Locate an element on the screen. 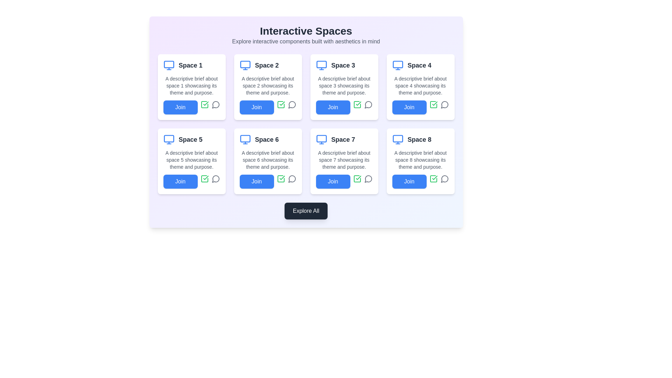 The height and width of the screenshot is (378, 672). the completion icon located in the right section of the card for 'Space 4', adjacent to the speech-bubble icon and aligned with the 'Join' button is located at coordinates (433, 105).